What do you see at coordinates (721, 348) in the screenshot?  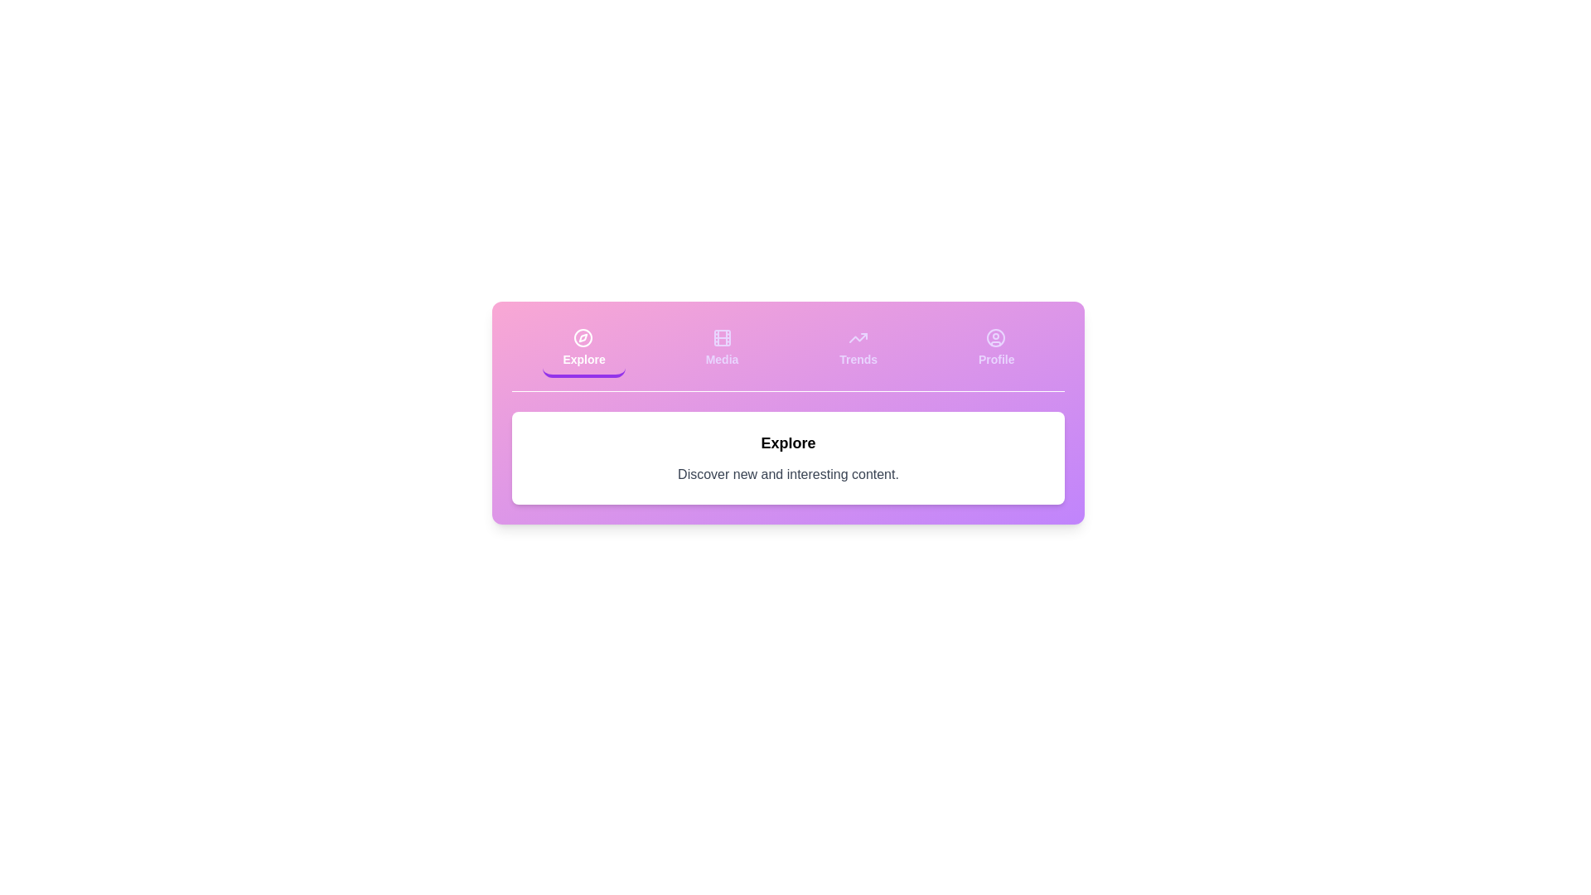 I see `the tab button labeled Media to switch to the corresponding tab` at bounding box center [721, 348].